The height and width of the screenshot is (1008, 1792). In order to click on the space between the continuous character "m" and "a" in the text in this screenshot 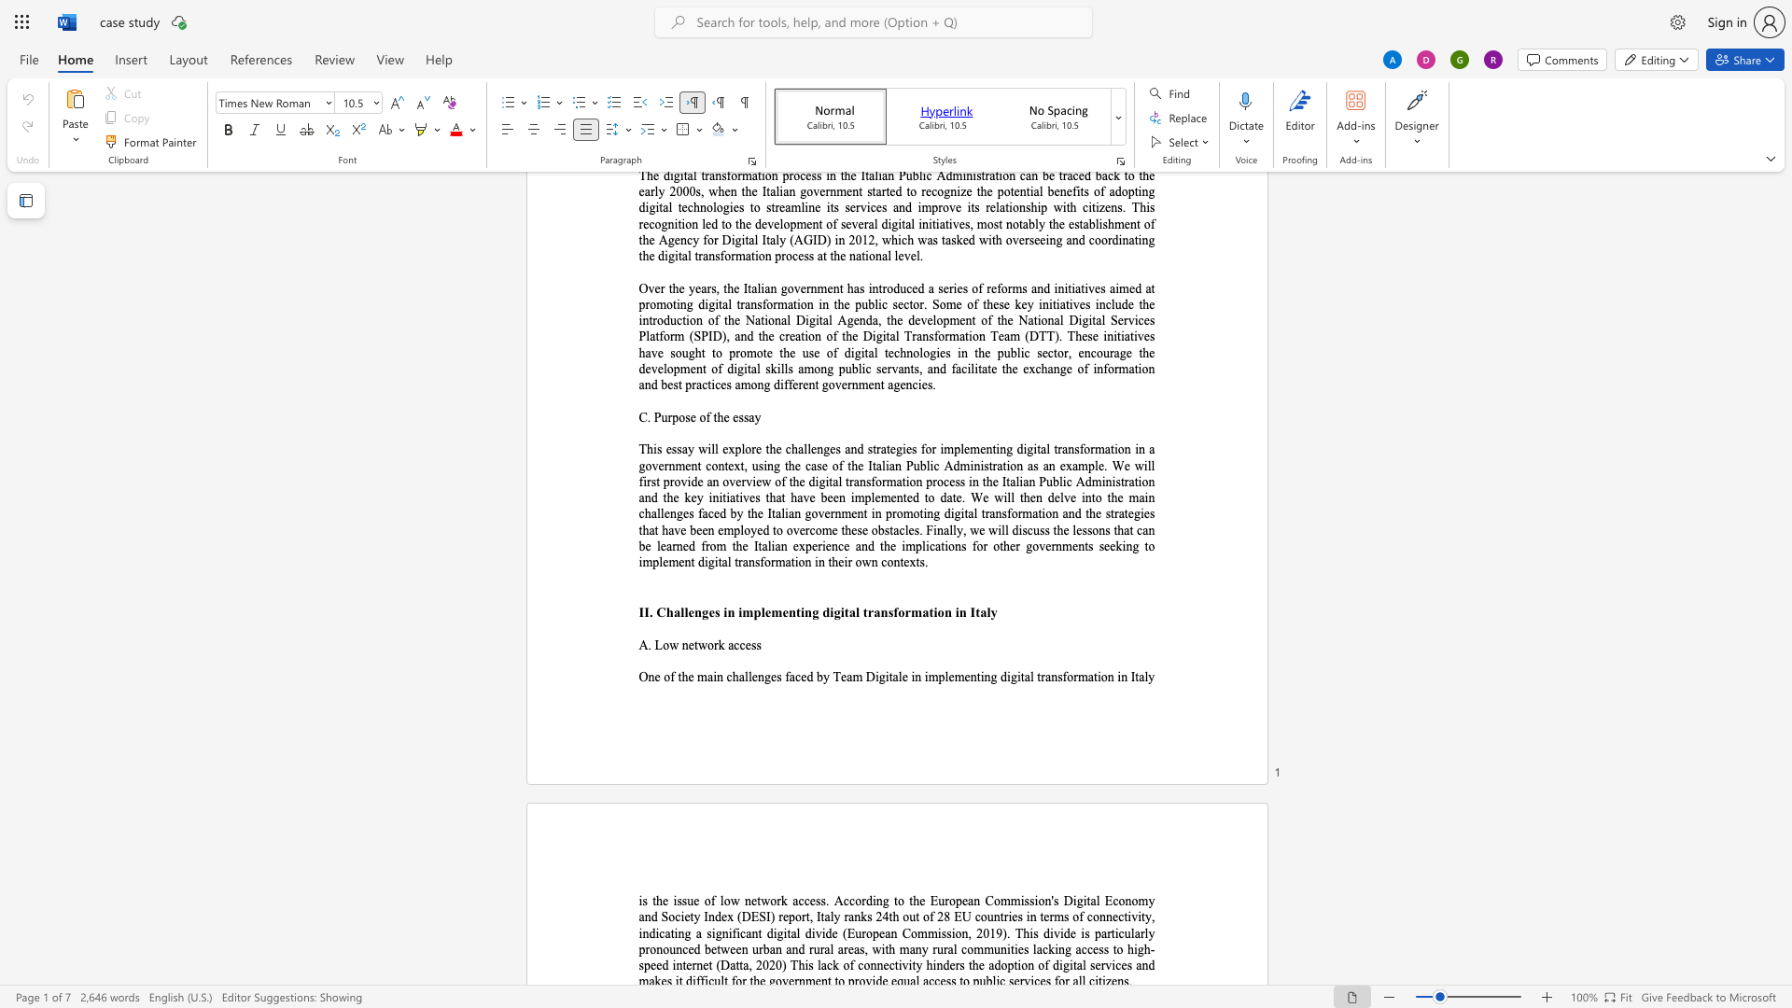, I will do `click(921, 612)`.